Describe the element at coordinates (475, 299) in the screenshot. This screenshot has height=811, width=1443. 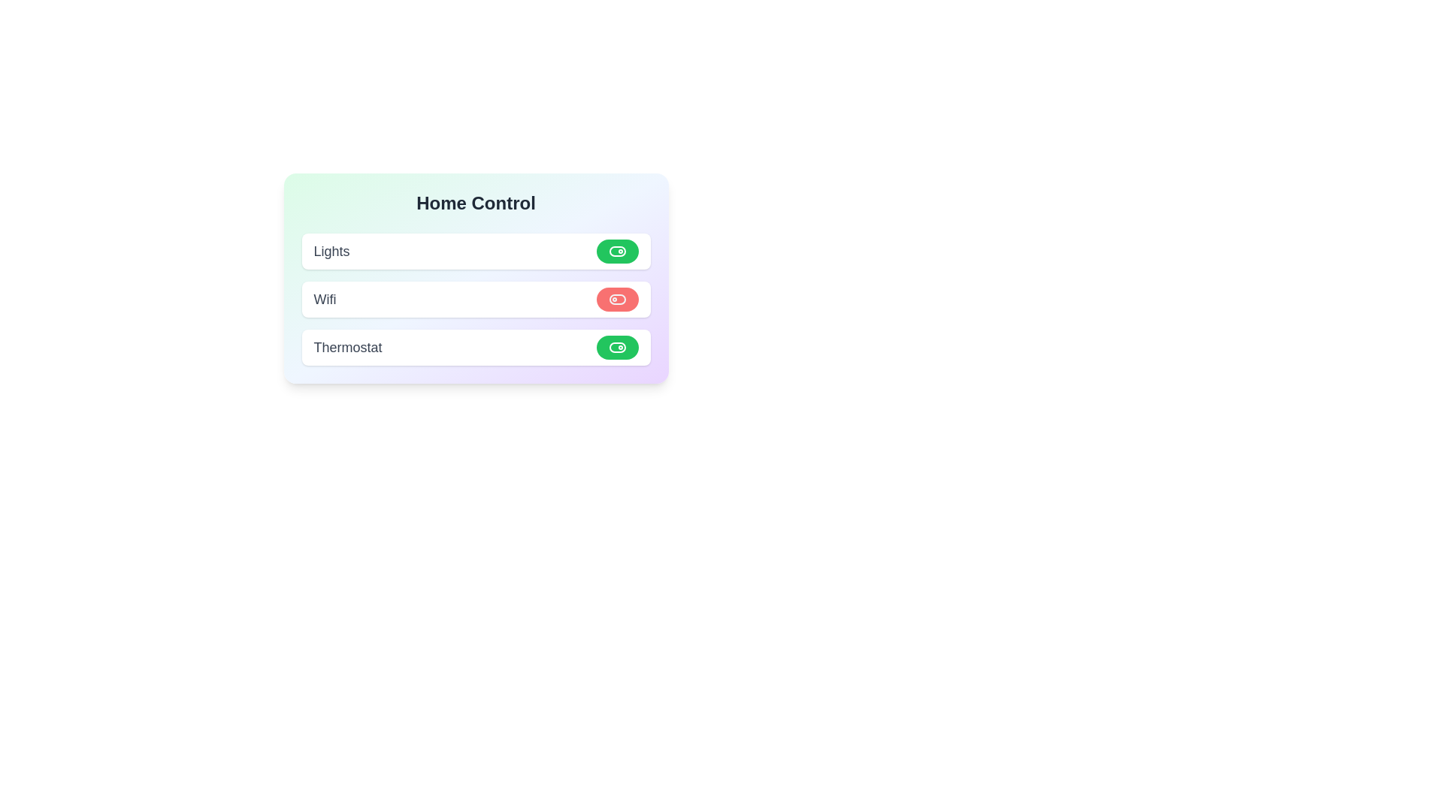
I see `the 'Wifi' toggle section in the Home Control list` at that location.